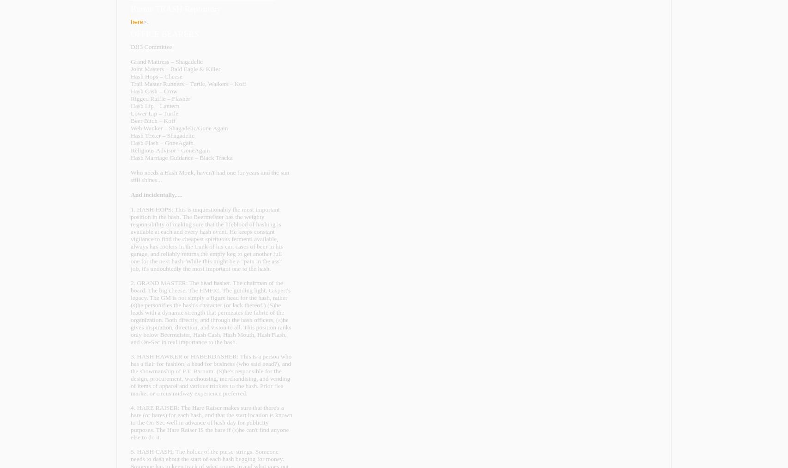 Image resolution: width=788 pixels, height=468 pixels. I want to click on '1. HASH HOPS: This is unquestionably the most important position in the hash. The Beermeister has the weighty responsibility of making sure that the lifeblood of hashing is available at each and every hash event. He keeps constant vigilance to find the cheapest spirituous fermenti available, always has coolers in the trunk of his car, cases of beer in his garage, and reliably returns the empty keg to get another full one for the next hash. While this might be a "pain in the ass" job, it's undoubtedly the most important one to the hash.', so click(206, 239).